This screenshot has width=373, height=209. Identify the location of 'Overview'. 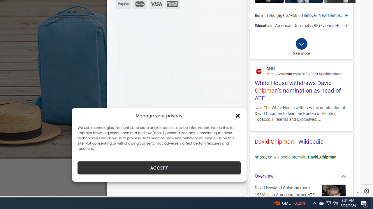
(301, 176).